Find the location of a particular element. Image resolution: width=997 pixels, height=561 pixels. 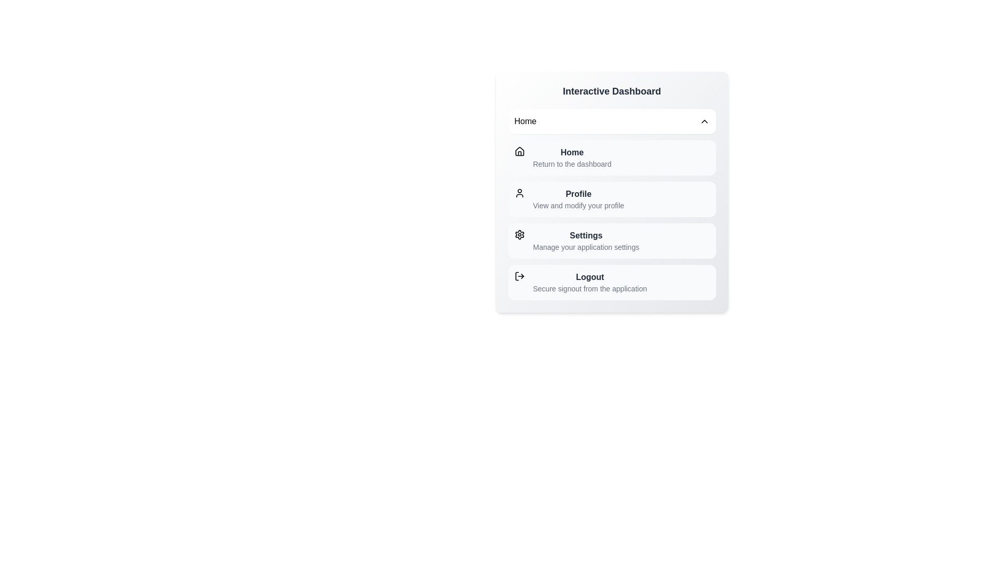

the menu section Logout is located at coordinates (612, 282).